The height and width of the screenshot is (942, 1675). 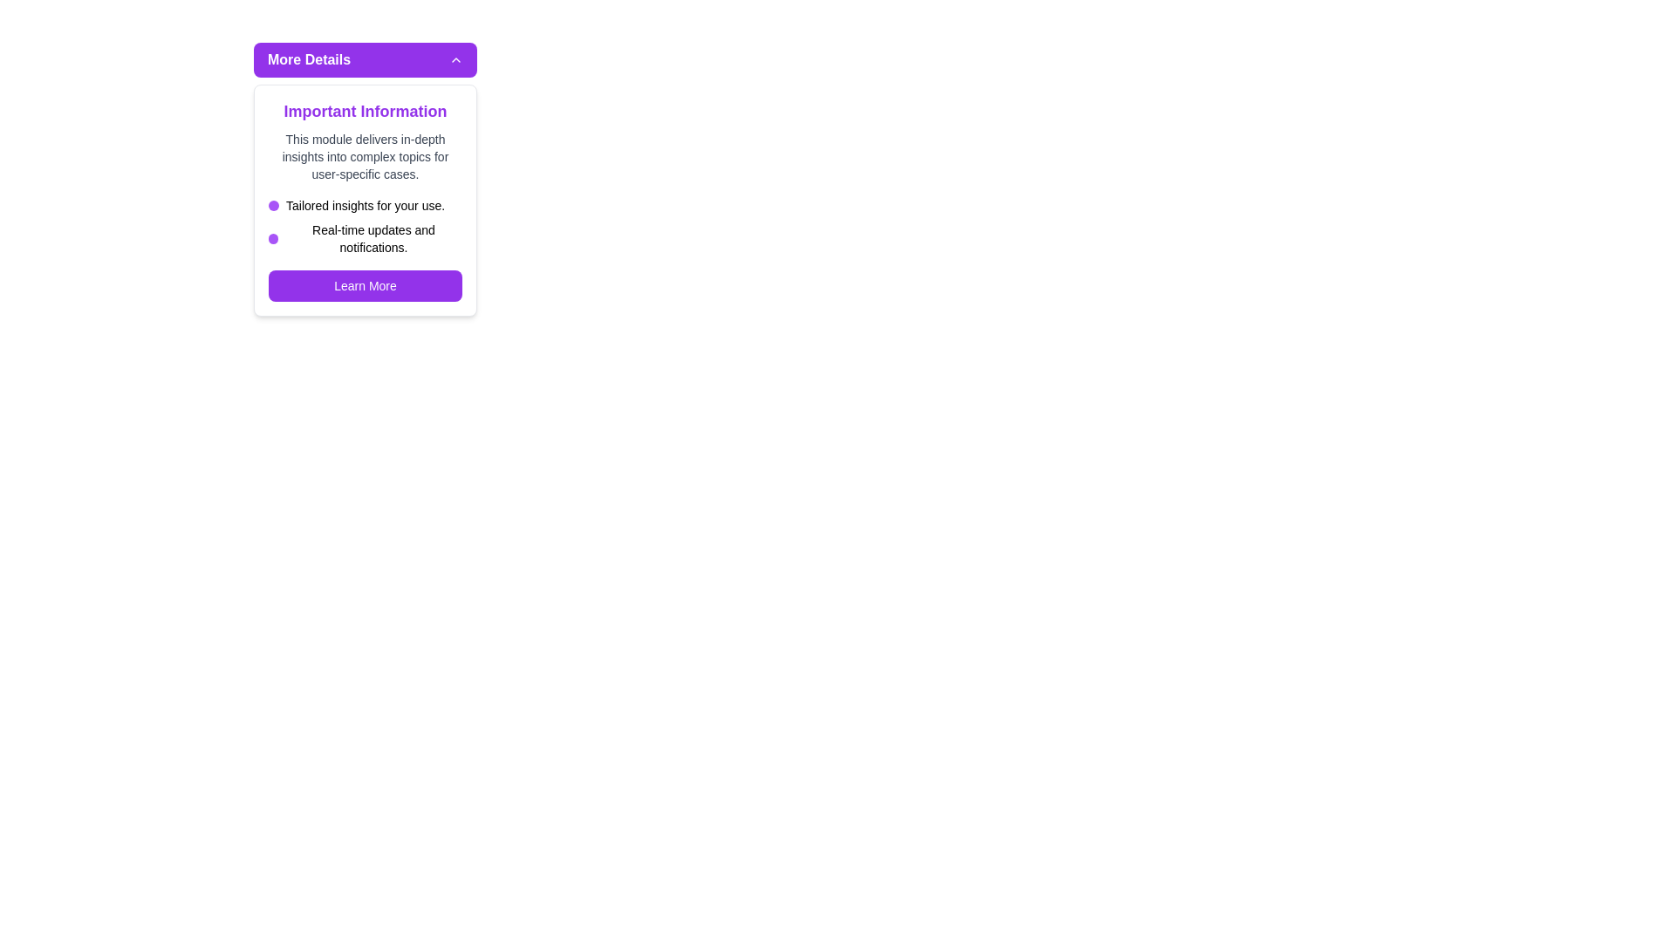 I want to click on text displaying key features or benefits about tailored insights and updates, which is located within a white card beneath the heading 'Important Information' and above the 'Learn More' button, so click(x=364, y=225).